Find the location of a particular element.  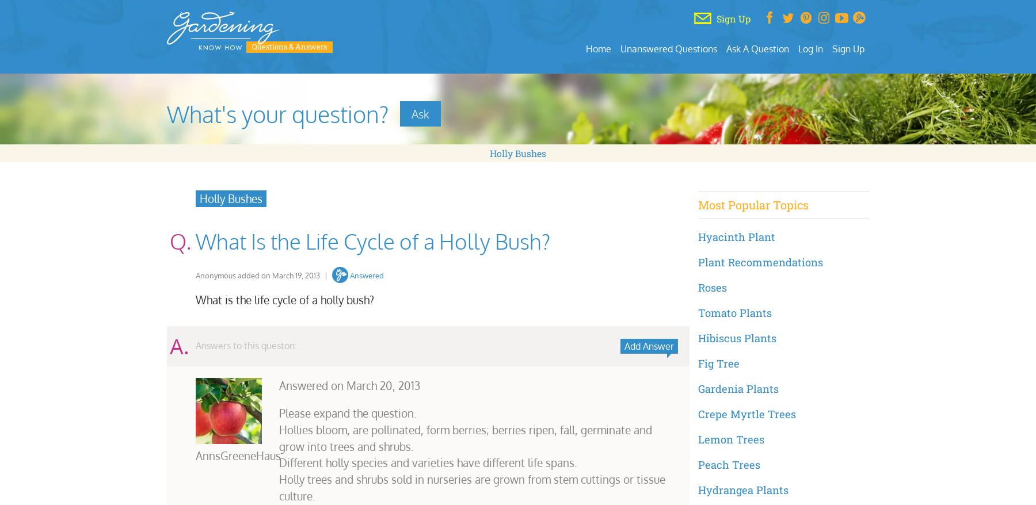

'Anonymous' is located at coordinates (215, 274).